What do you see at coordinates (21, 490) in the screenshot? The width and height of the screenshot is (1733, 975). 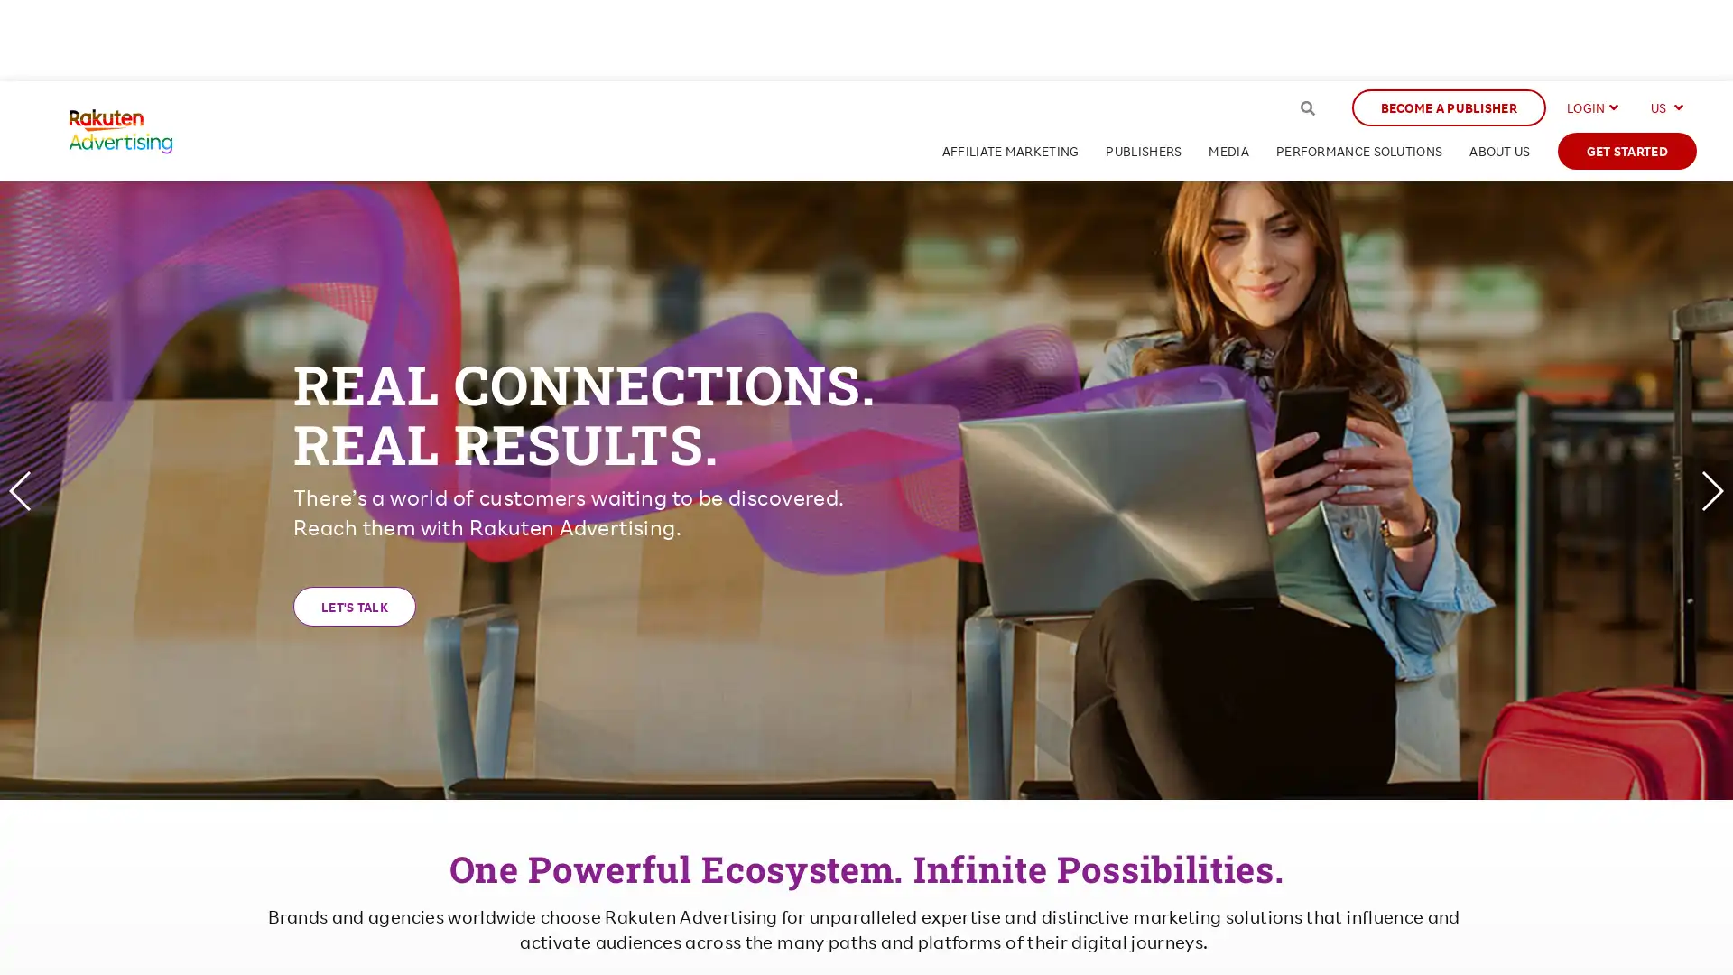 I see `Previous slide` at bounding box center [21, 490].